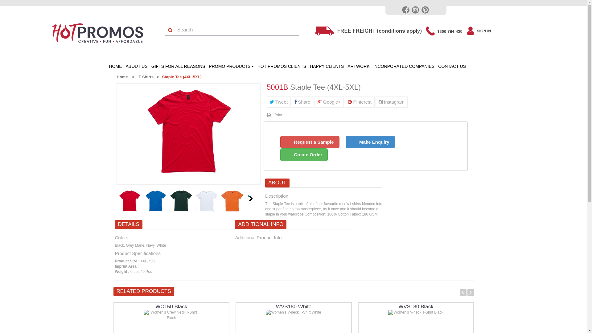 The width and height of the screenshot is (592, 333). Describe the element at coordinates (346, 66) in the screenshot. I see `'ARTWORK'` at that location.